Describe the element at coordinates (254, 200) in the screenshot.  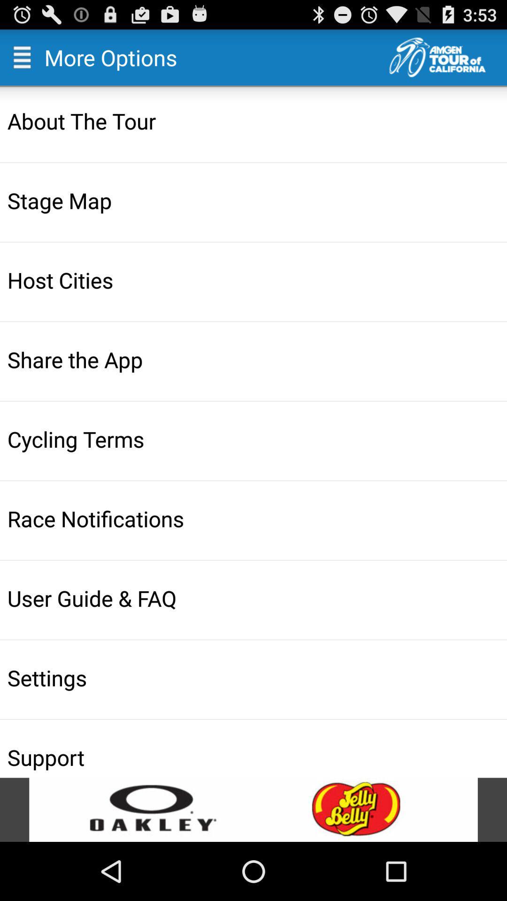
I see `the stage map` at that location.